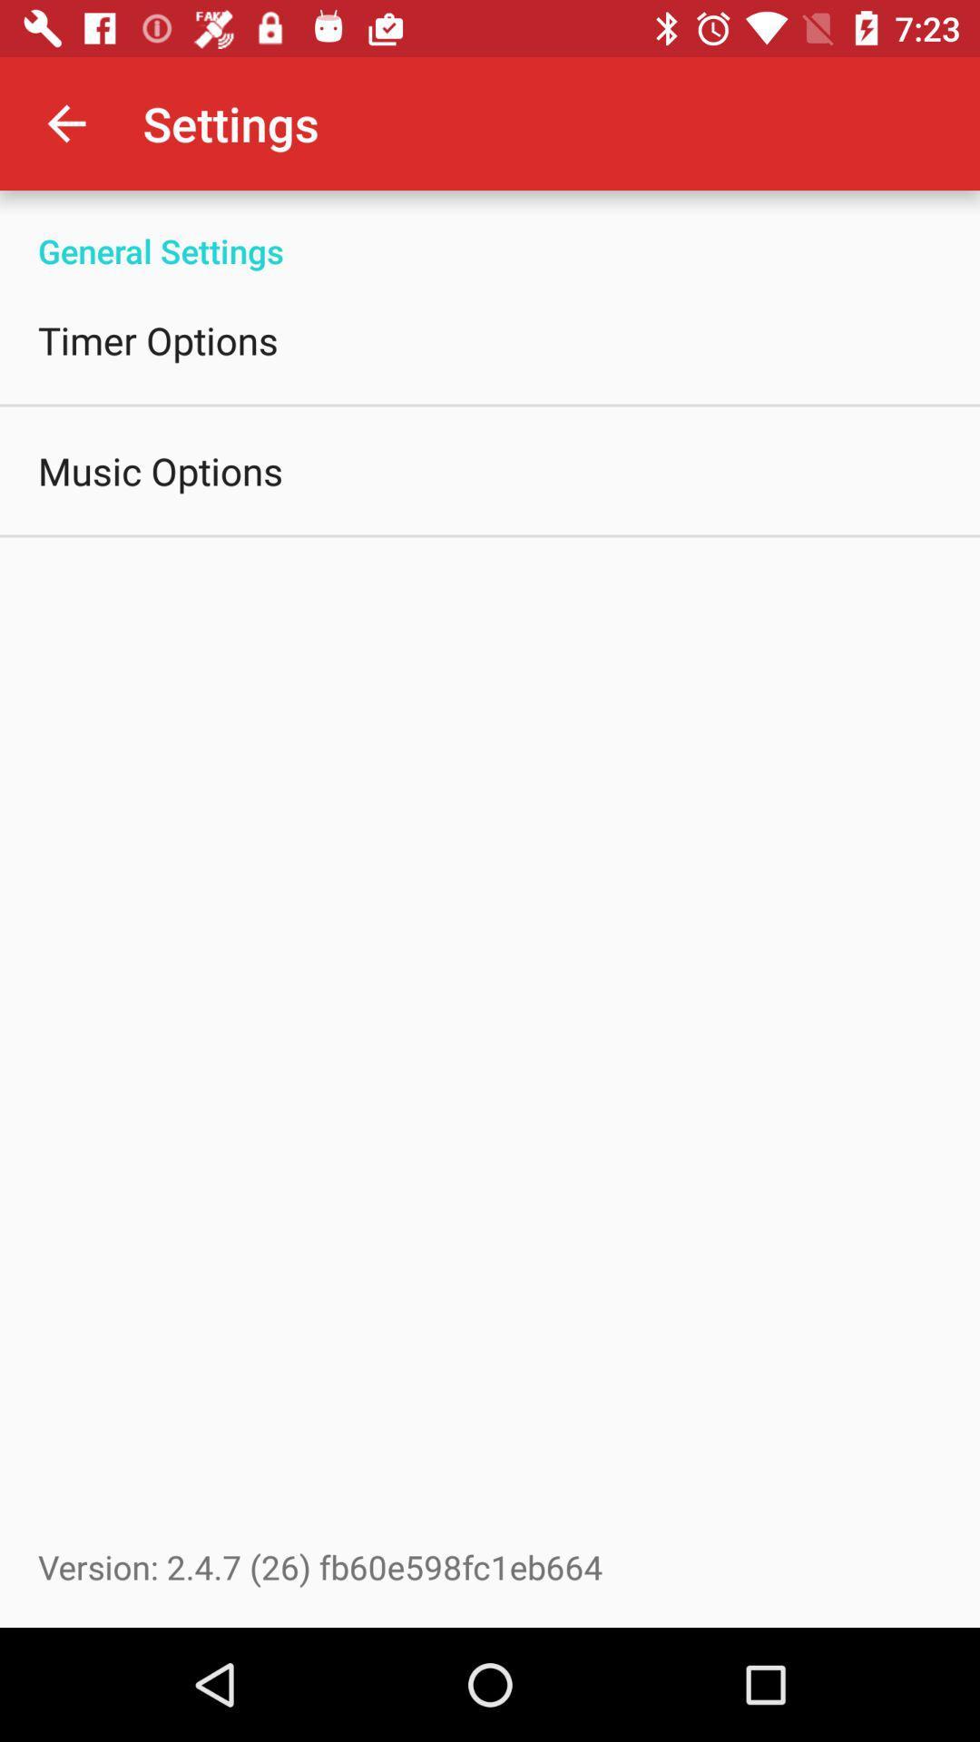 The width and height of the screenshot is (980, 1742). Describe the element at coordinates (160, 470) in the screenshot. I see `the item below timer options icon` at that location.